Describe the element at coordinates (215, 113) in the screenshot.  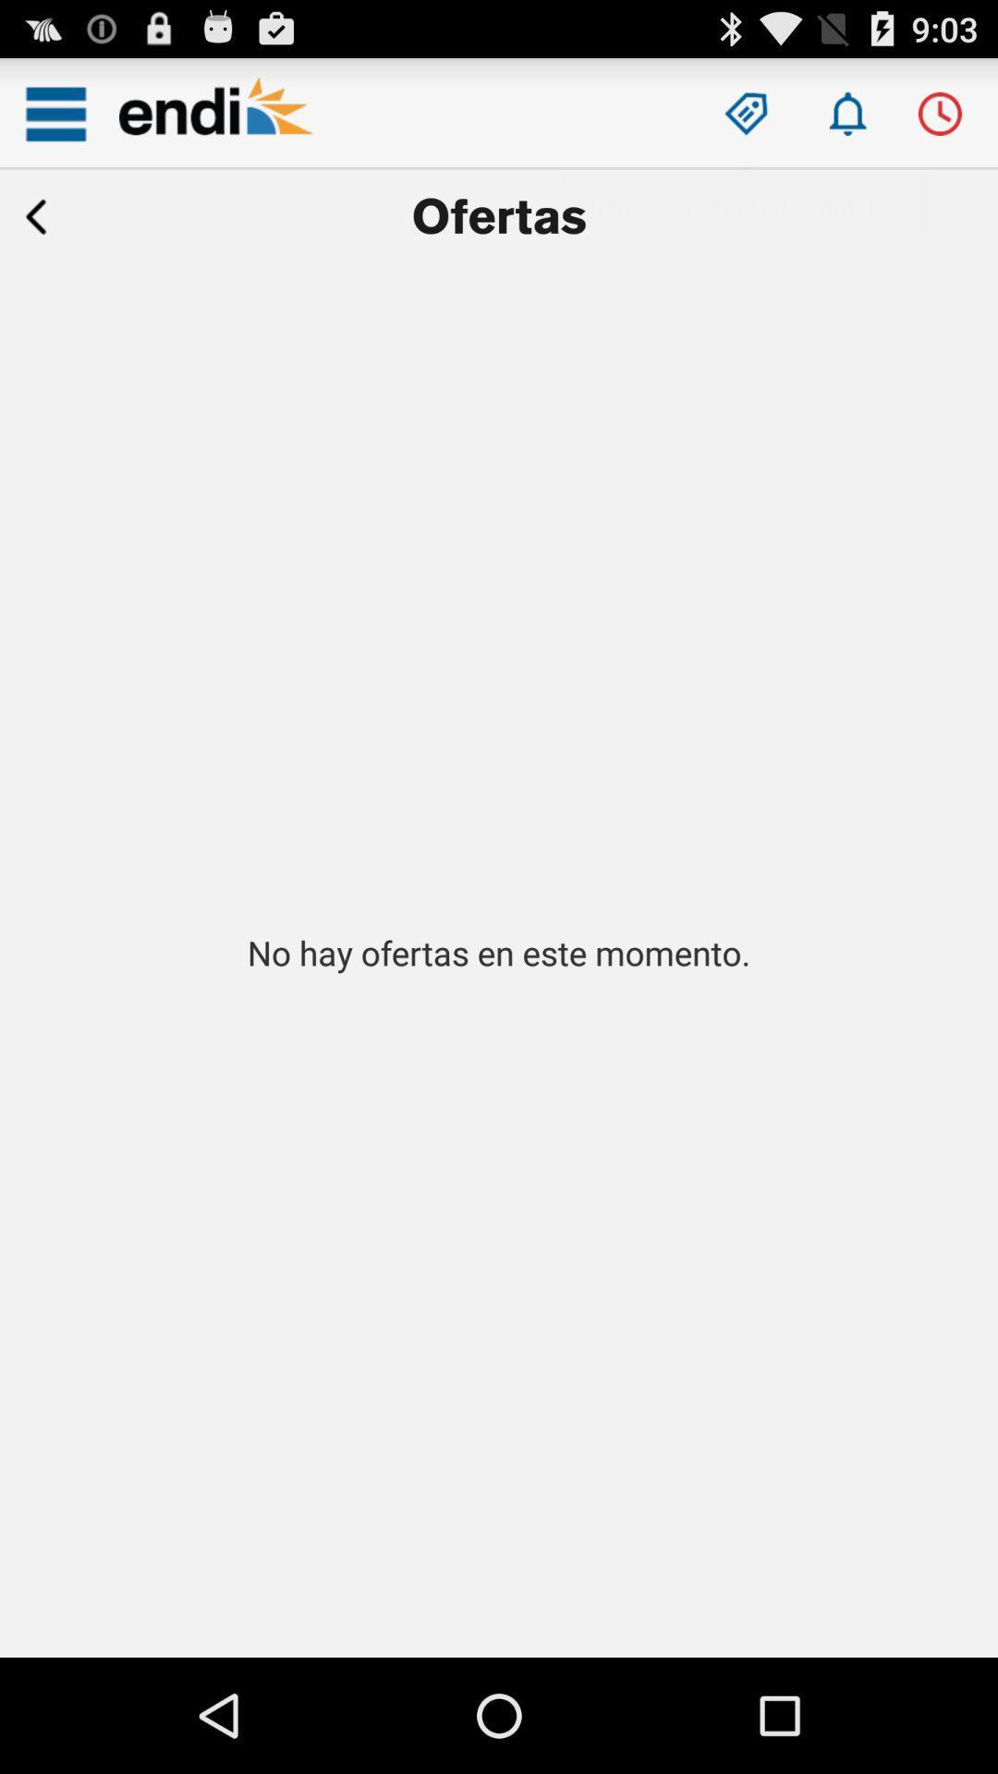
I see `home page` at that location.